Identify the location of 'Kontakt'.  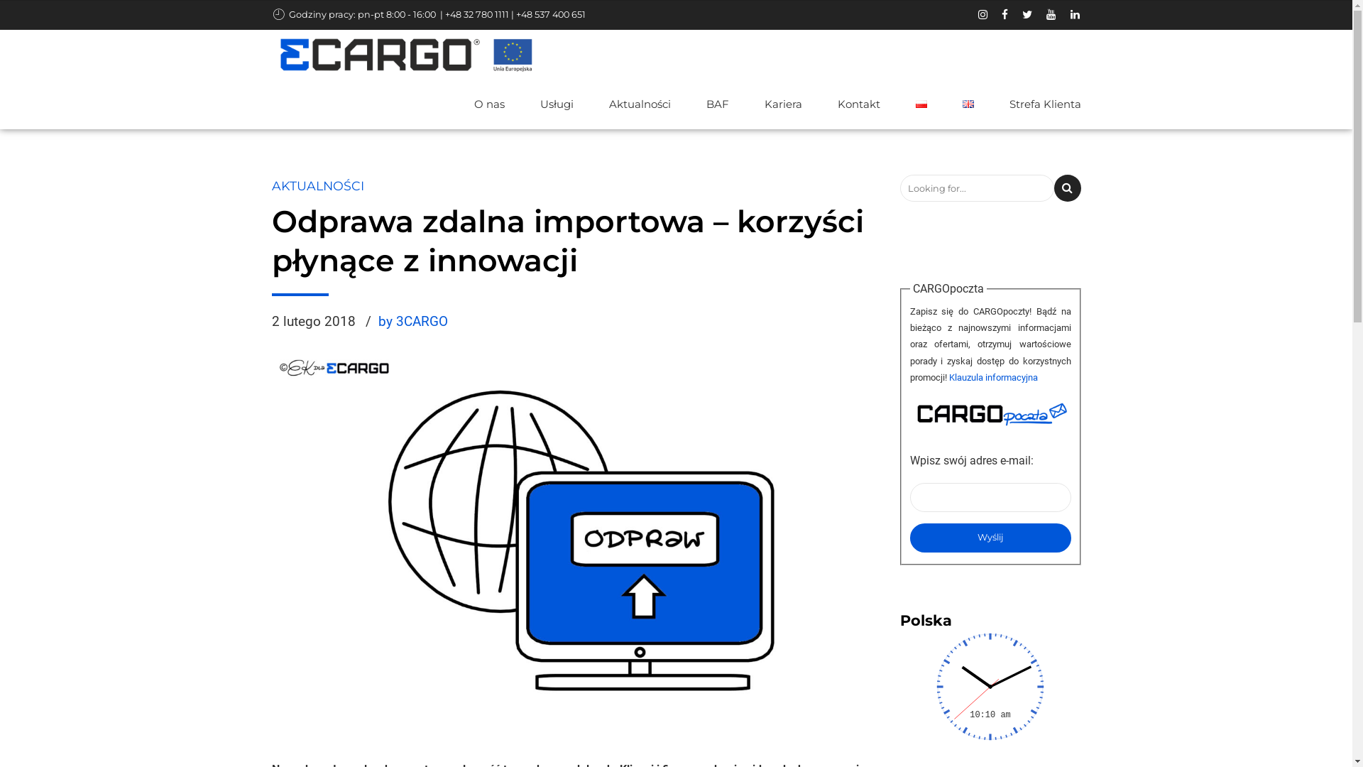
(838, 103).